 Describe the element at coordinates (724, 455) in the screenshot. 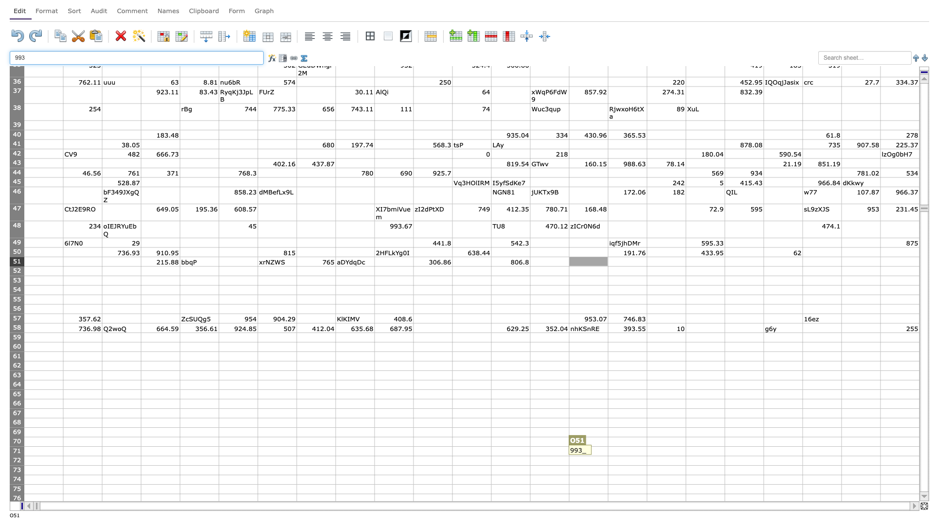

I see `bottom right corner of R71` at that location.